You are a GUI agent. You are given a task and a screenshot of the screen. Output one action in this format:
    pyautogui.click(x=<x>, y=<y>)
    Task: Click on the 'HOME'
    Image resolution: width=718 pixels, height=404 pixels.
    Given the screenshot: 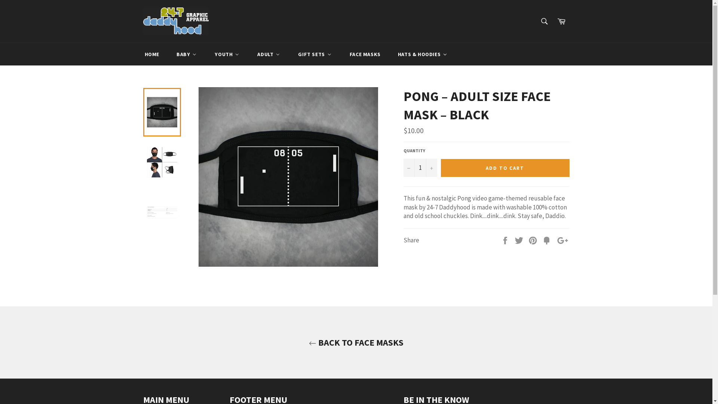 What is the action you would take?
    pyautogui.click(x=135, y=54)
    